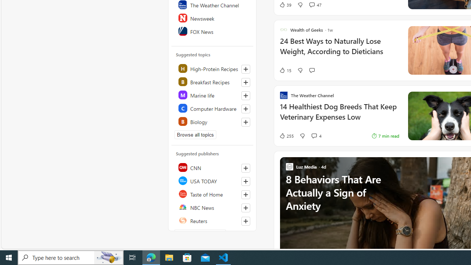 Image resolution: width=471 pixels, height=265 pixels. What do you see at coordinates (316, 135) in the screenshot?
I see `'View comments 4 Comment'` at bounding box center [316, 135].